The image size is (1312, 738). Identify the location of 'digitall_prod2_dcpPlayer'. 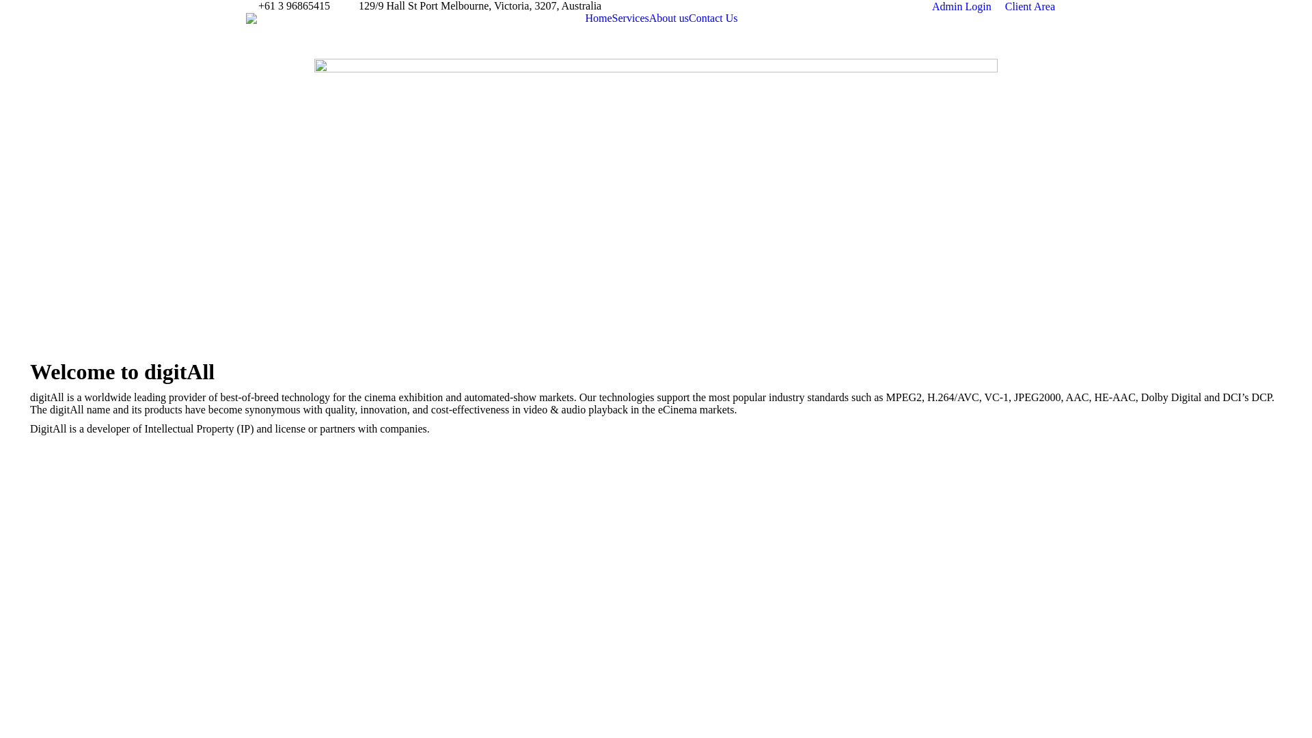
(656, 195).